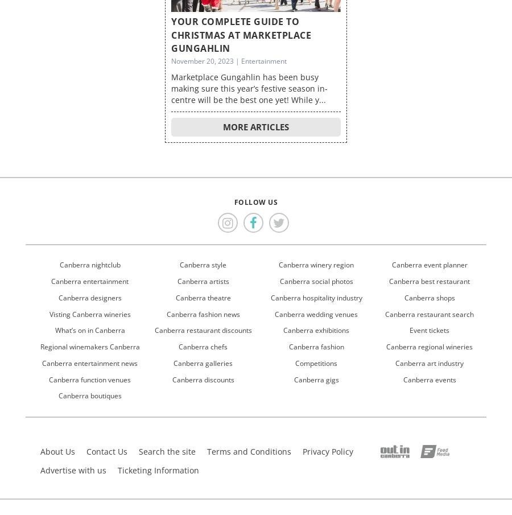  I want to click on 'Privacy Policy', so click(328, 451).